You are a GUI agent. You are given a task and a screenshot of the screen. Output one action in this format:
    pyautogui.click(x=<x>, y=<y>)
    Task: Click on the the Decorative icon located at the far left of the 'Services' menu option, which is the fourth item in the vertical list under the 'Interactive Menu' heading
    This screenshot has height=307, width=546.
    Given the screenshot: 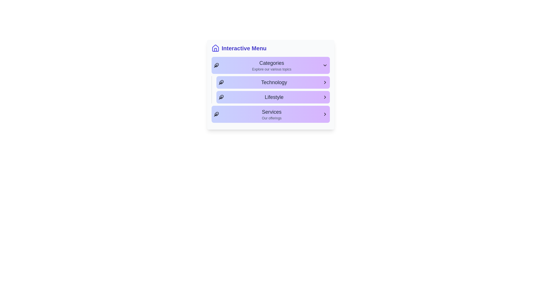 What is the action you would take?
    pyautogui.click(x=216, y=114)
    